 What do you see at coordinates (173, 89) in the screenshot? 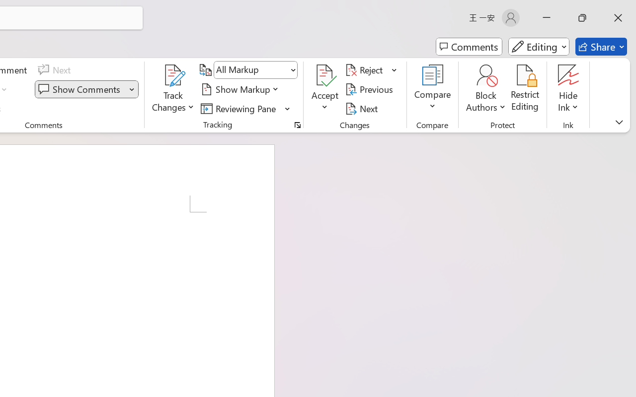
I see `'Track Changes'` at bounding box center [173, 89].